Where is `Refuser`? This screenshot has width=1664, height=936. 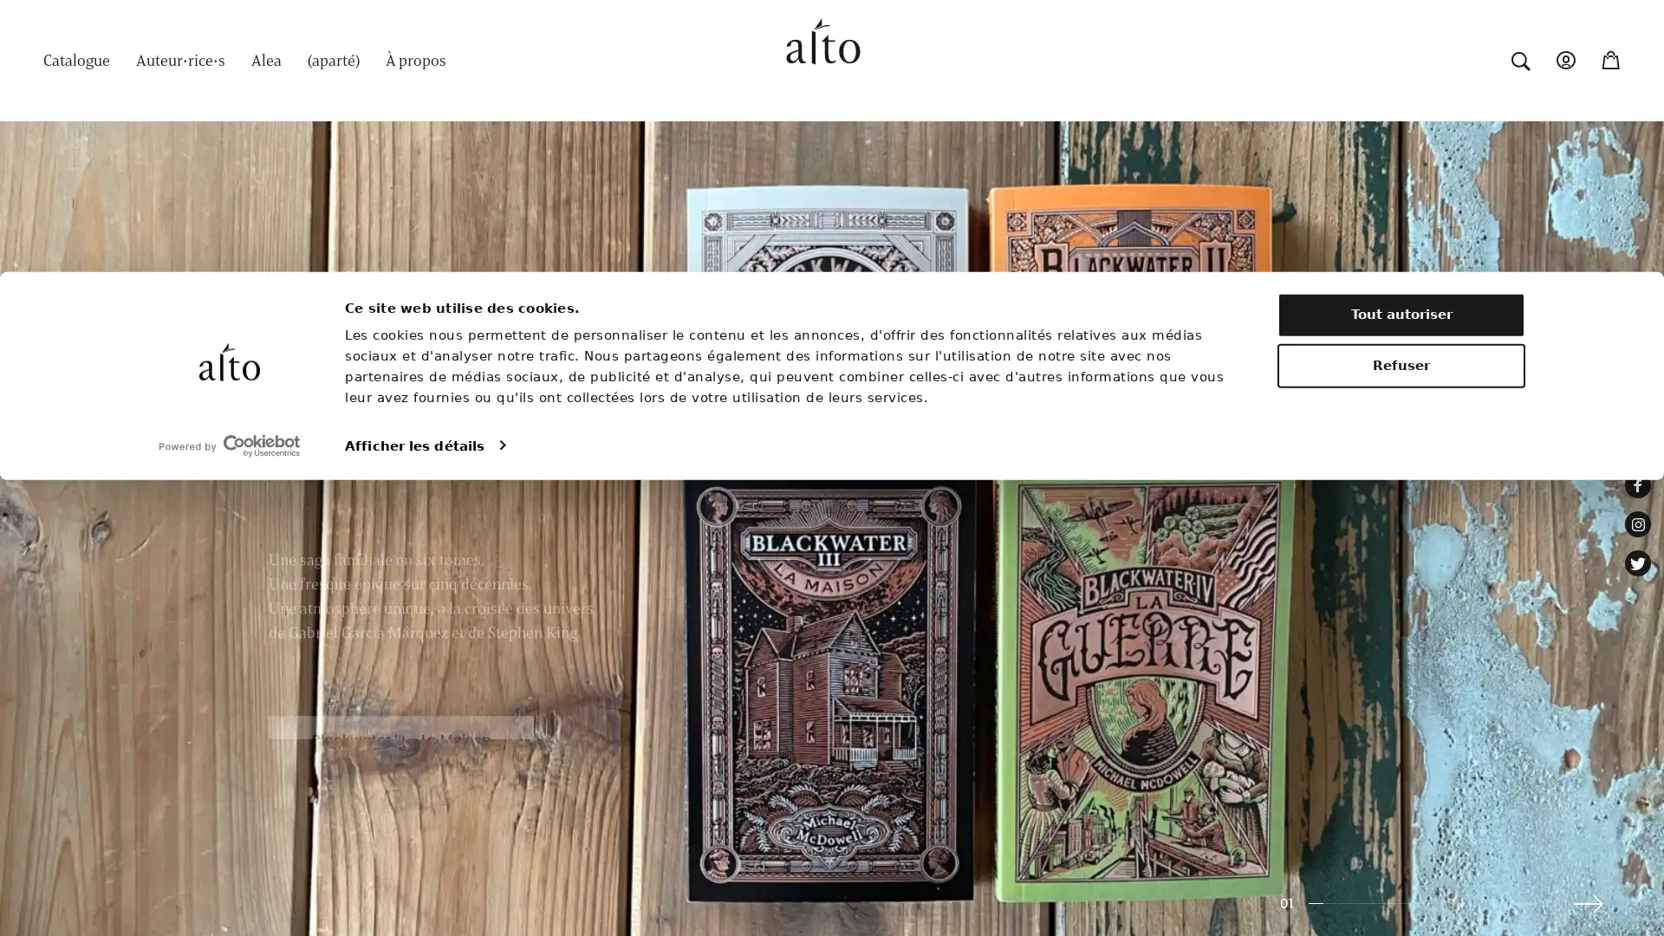 Refuser is located at coordinates (1401, 821).